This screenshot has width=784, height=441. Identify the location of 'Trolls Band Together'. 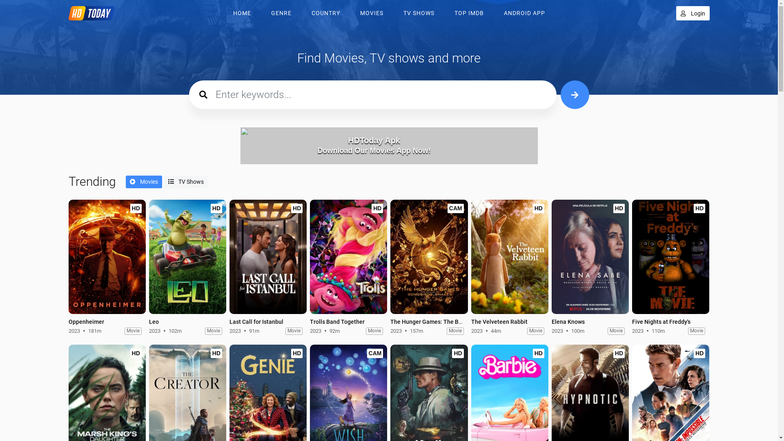
(348, 256).